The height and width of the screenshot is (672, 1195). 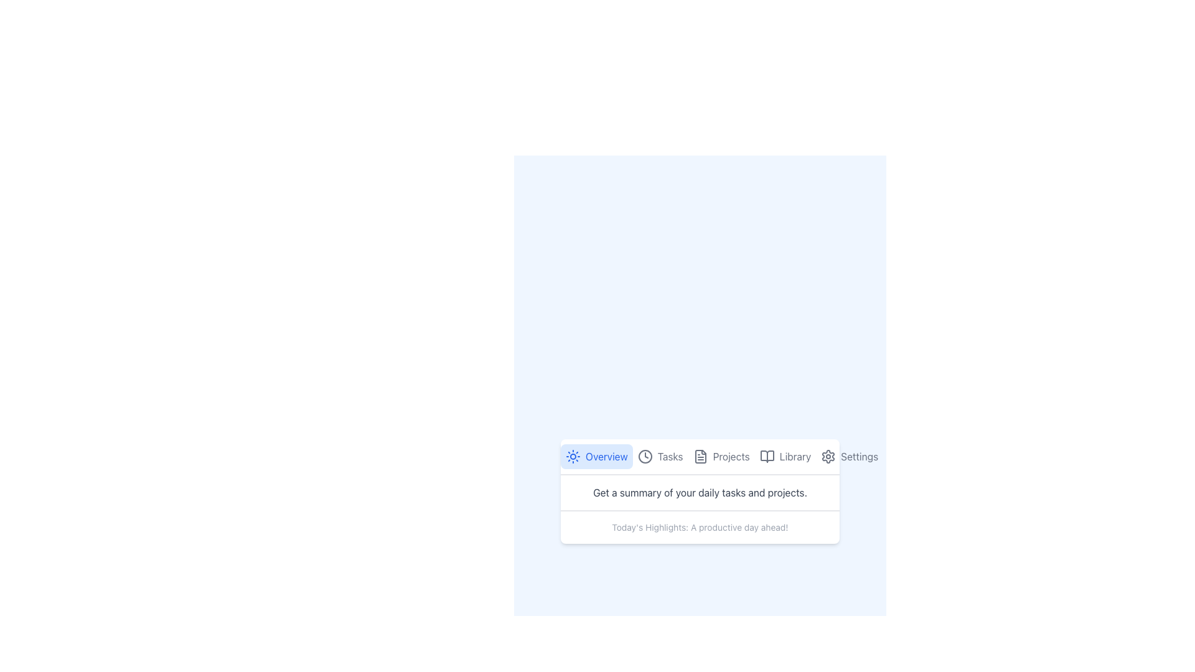 I want to click on the fourth button in the navigation menu, so click(x=785, y=456).